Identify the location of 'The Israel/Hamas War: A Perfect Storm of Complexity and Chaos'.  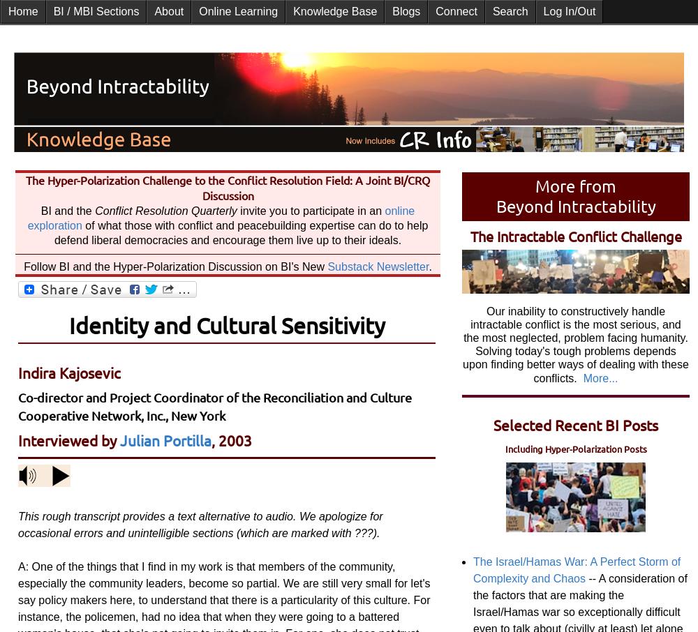
(576, 569).